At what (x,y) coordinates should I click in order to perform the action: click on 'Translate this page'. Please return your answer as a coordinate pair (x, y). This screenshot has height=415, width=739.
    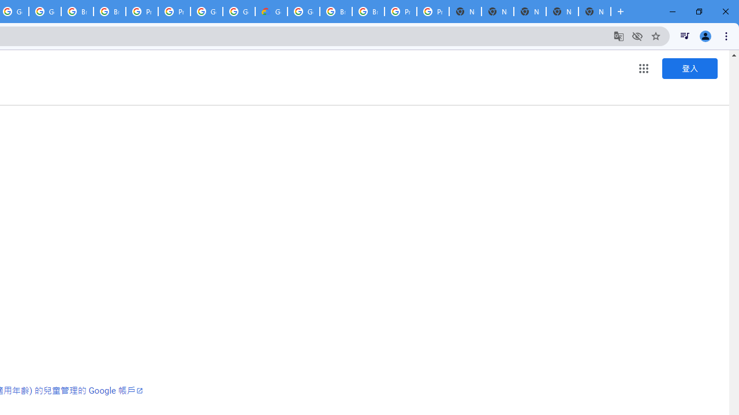
    Looking at the image, I should click on (618, 35).